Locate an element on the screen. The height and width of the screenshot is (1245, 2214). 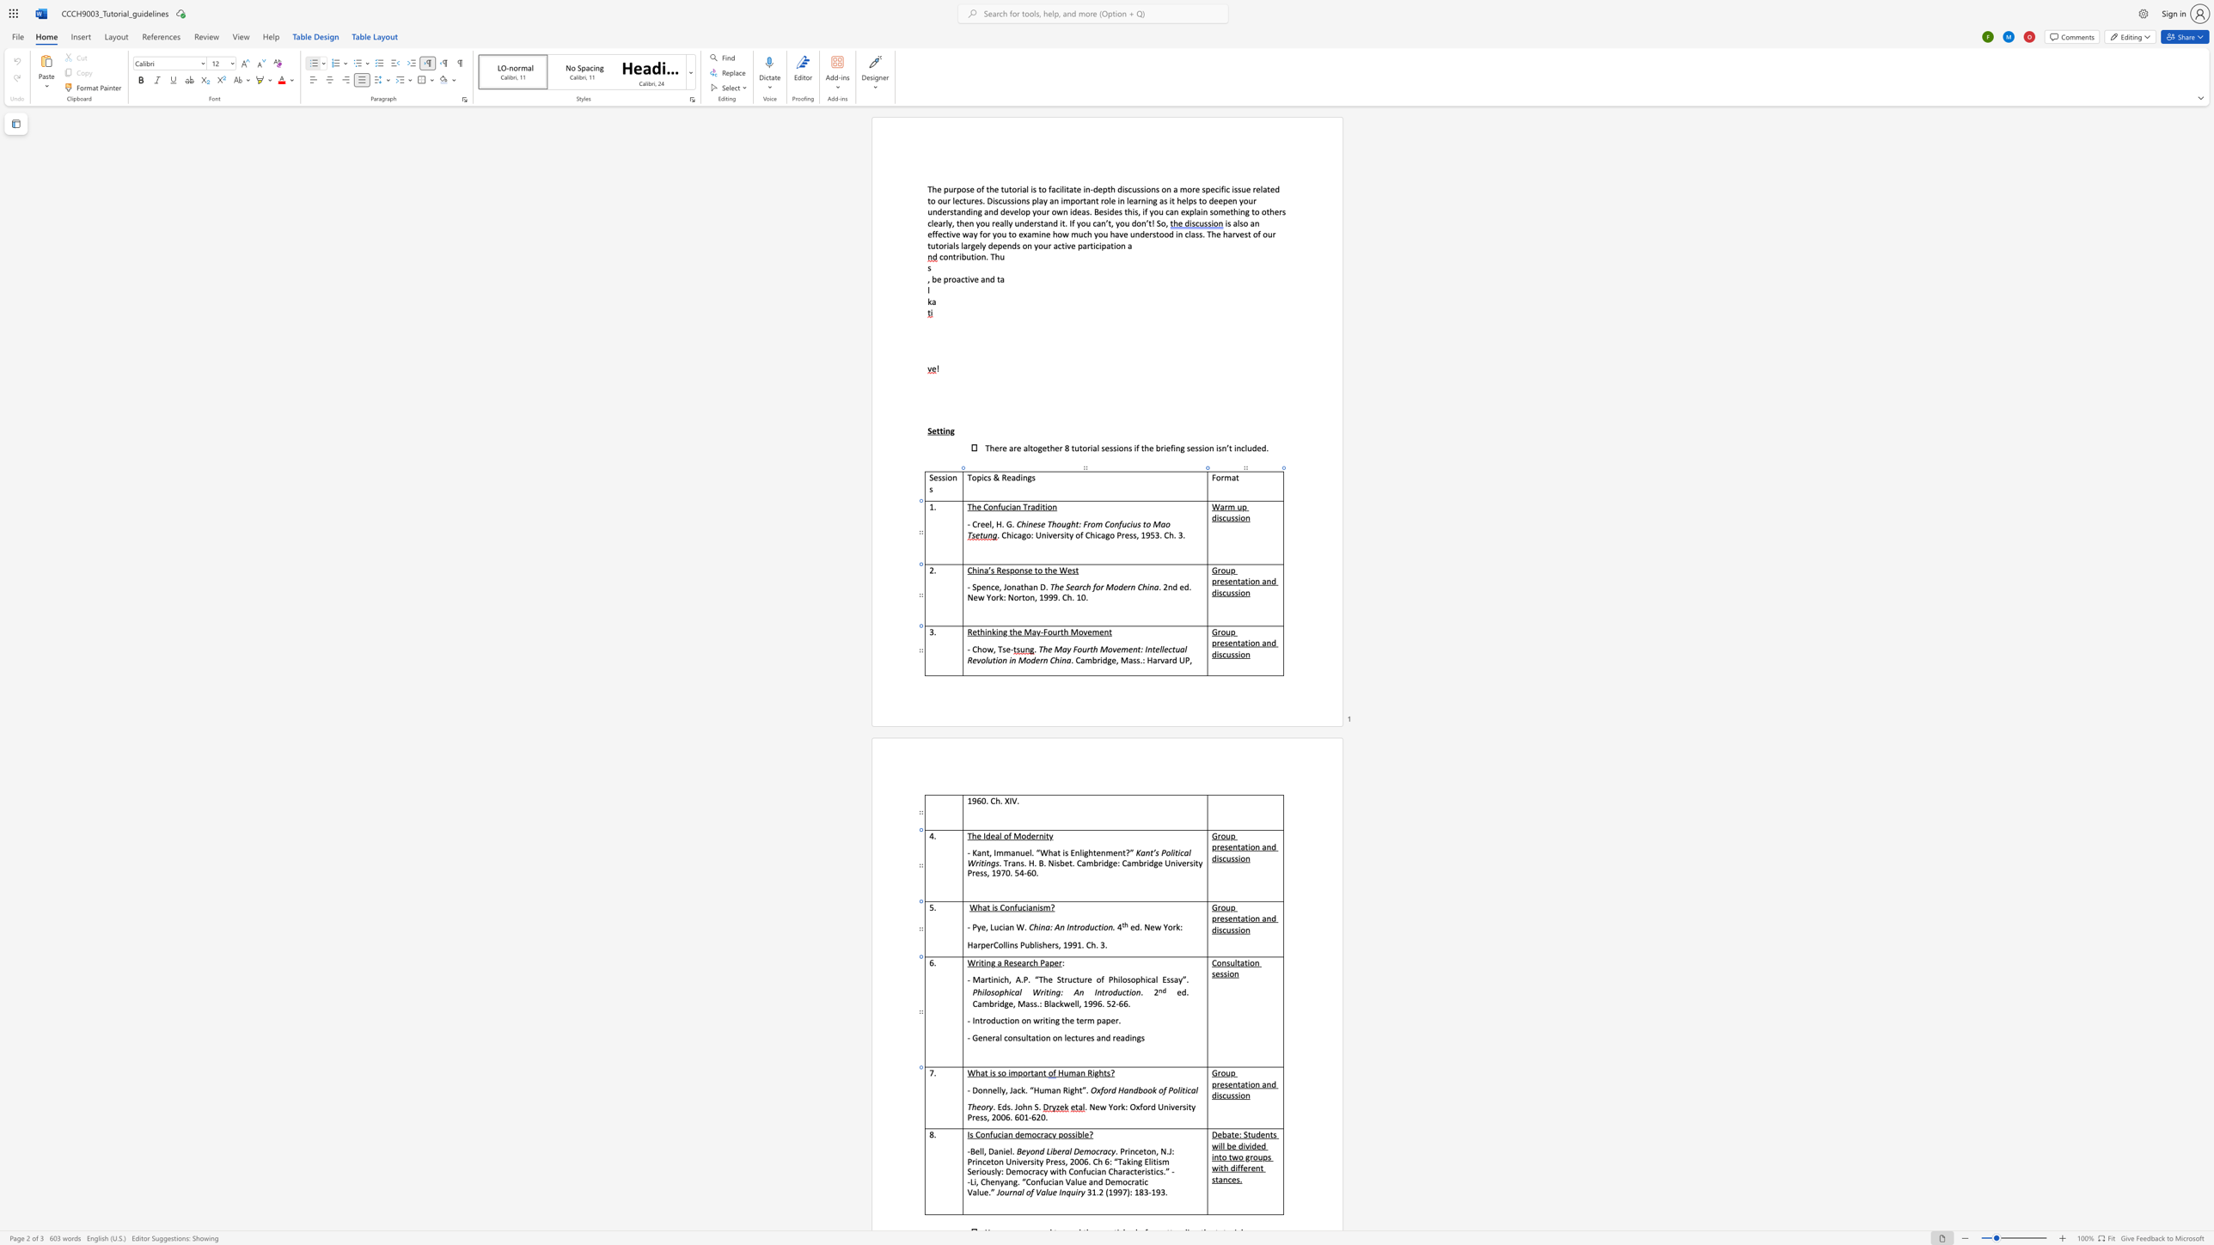
the 2th character "t" in the text is located at coordinates (1031, 1072).